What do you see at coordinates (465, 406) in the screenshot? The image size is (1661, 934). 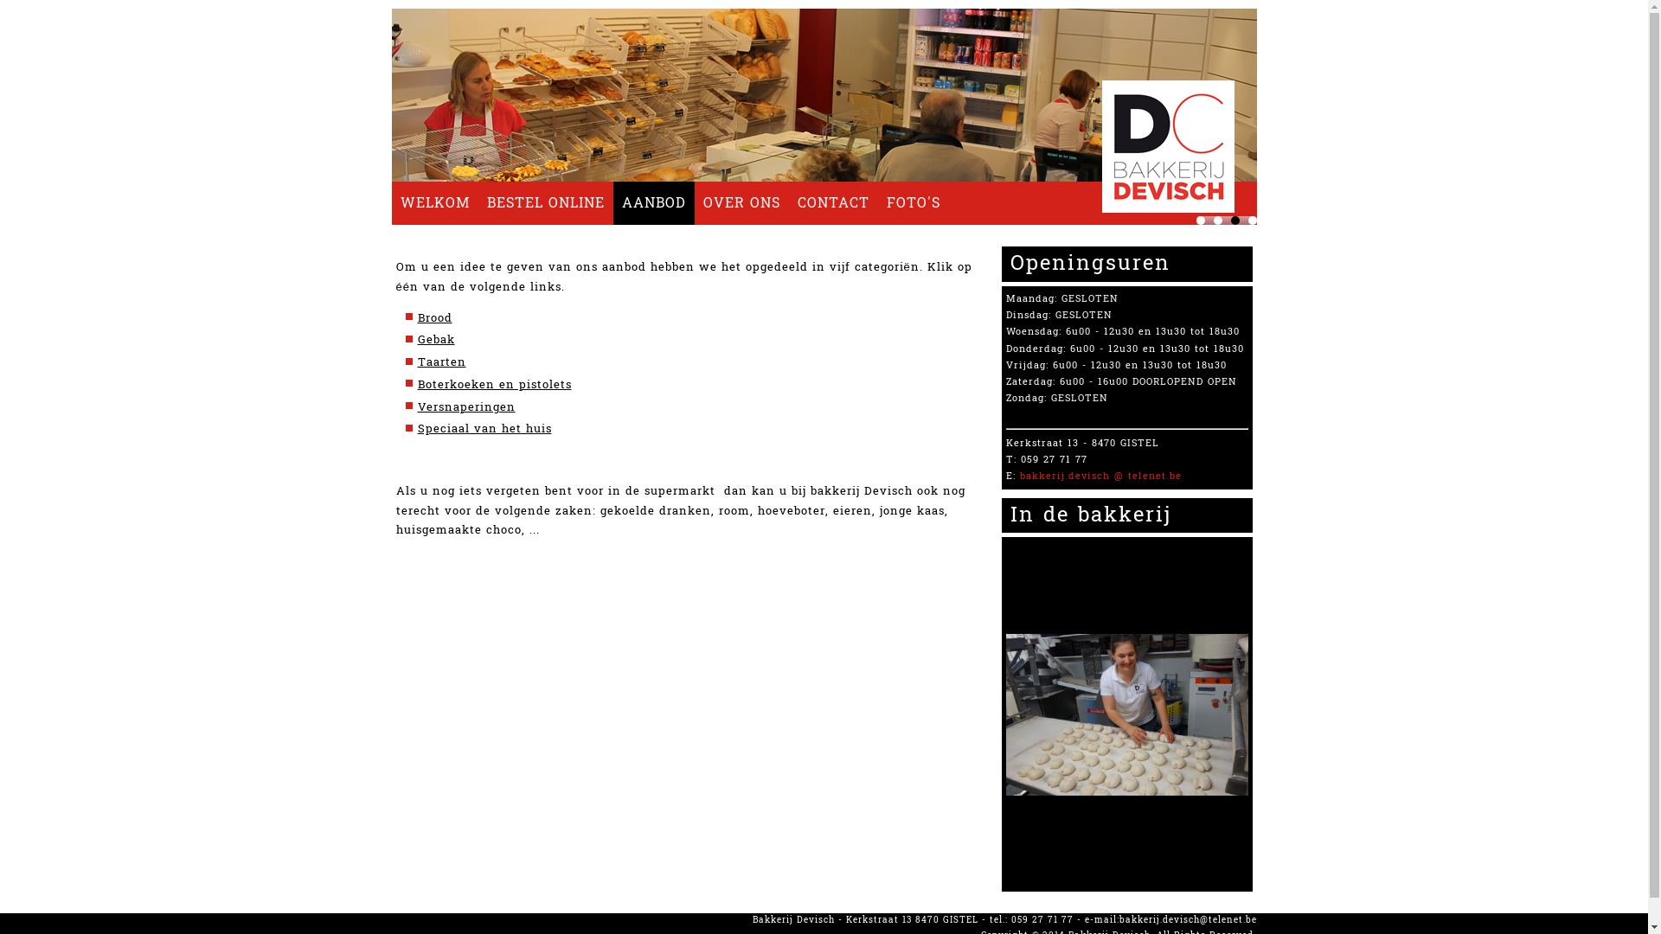 I see `'Versnaperingen'` at bounding box center [465, 406].